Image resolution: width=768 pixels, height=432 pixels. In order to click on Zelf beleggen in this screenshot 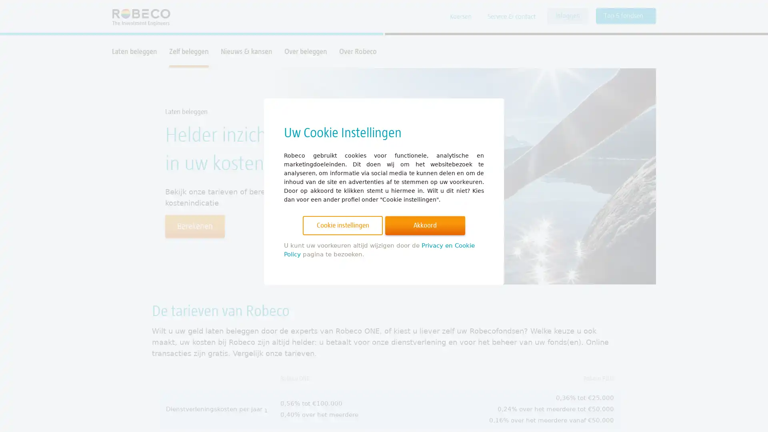, I will do `click(188, 51)`.